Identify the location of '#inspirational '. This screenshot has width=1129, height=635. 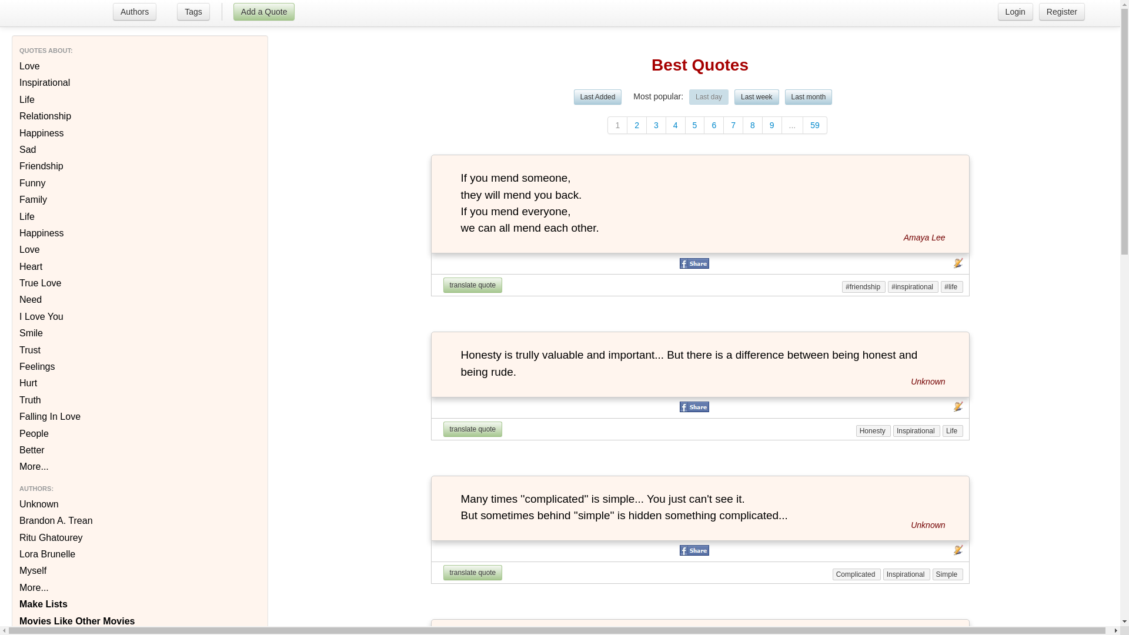
(913, 287).